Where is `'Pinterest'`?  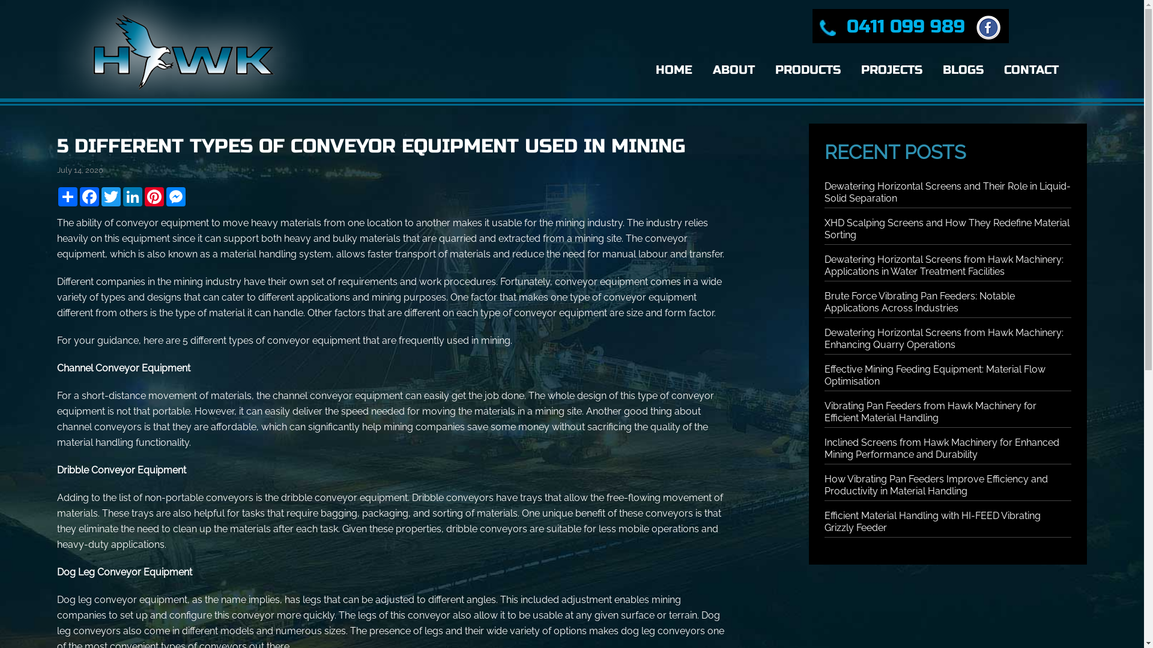
'Pinterest' is located at coordinates (144, 196).